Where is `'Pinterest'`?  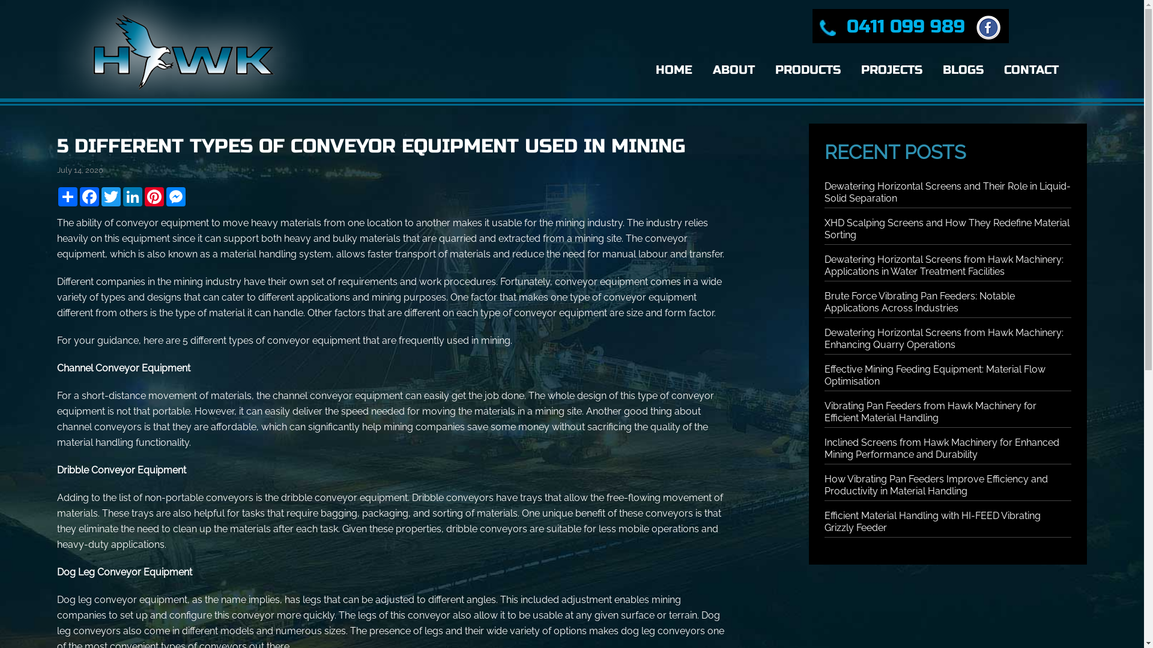
'Pinterest' is located at coordinates (144, 196).